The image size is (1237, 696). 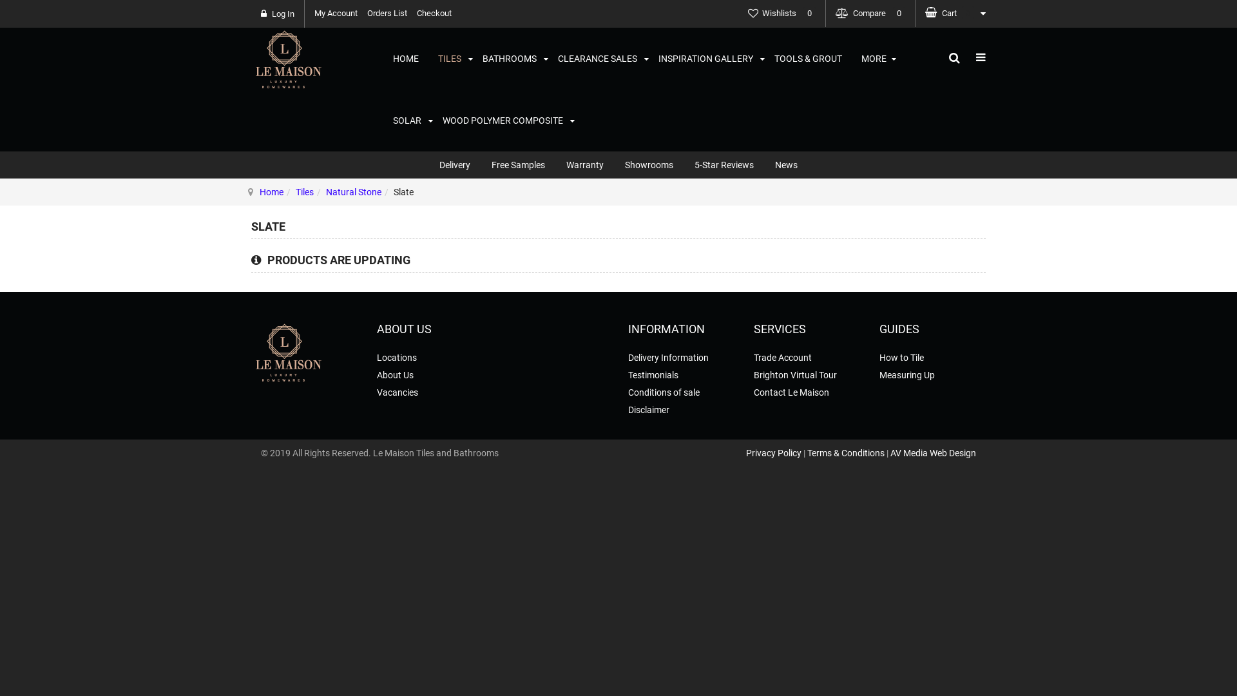 I want to click on 'Vacancies', so click(x=397, y=392).